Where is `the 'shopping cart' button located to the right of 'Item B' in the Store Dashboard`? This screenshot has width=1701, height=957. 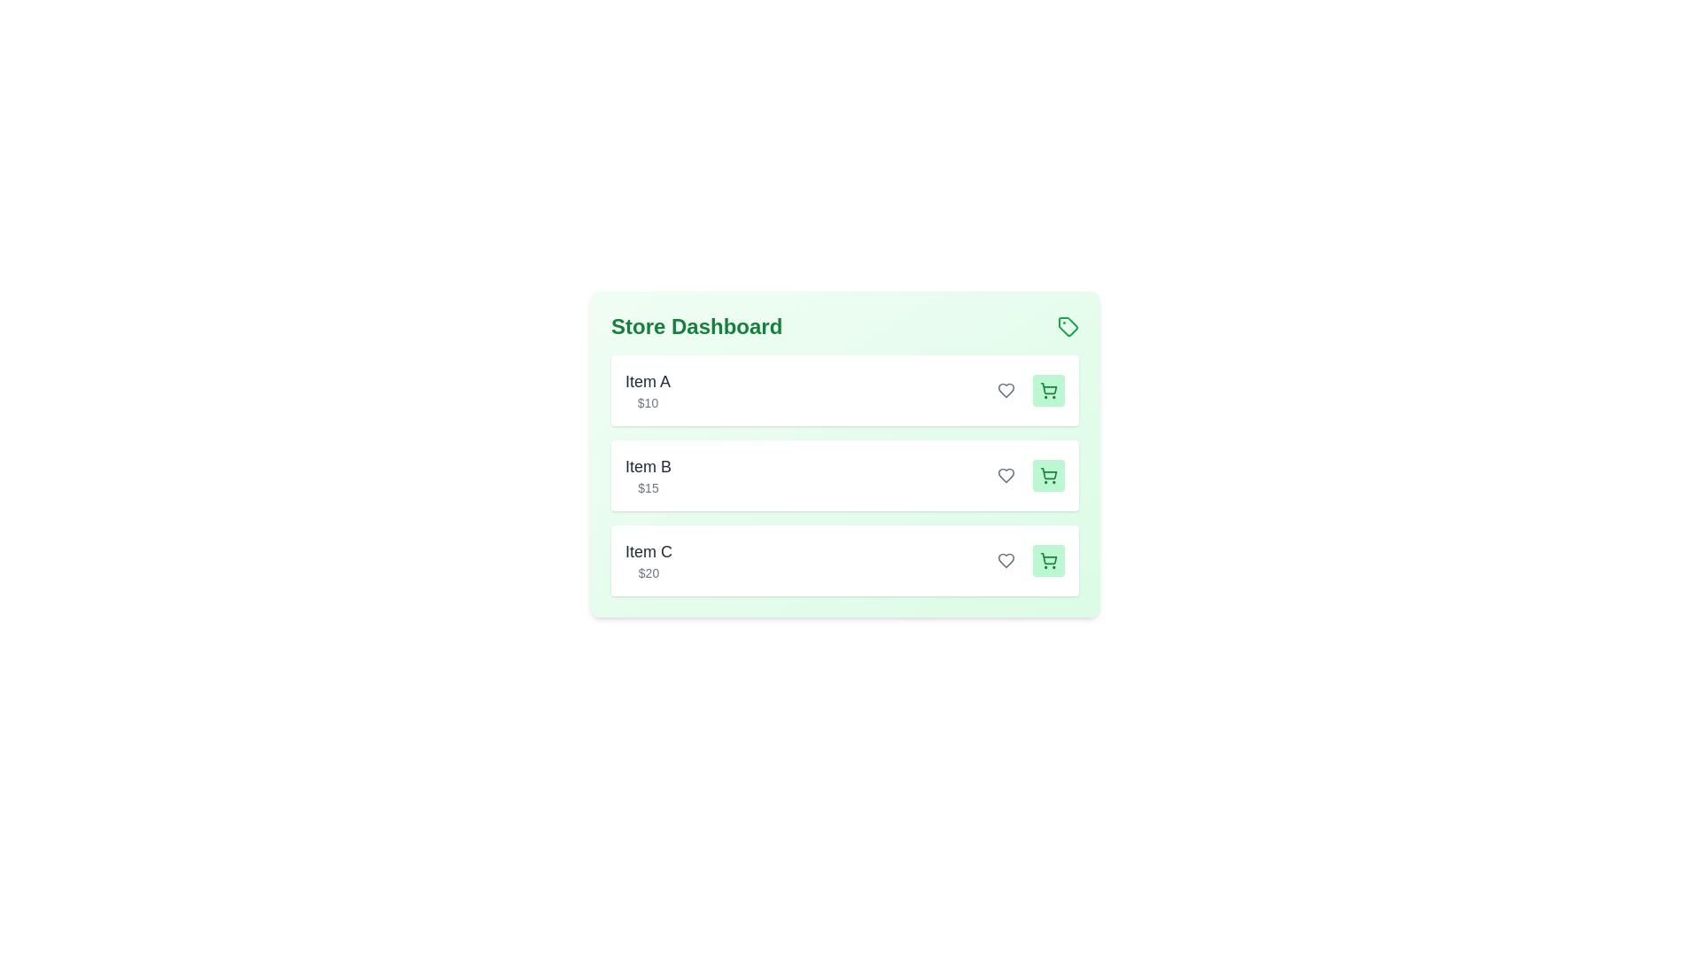 the 'shopping cart' button located to the right of 'Item B' in the Store Dashboard is located at coordinates (1049, 474).